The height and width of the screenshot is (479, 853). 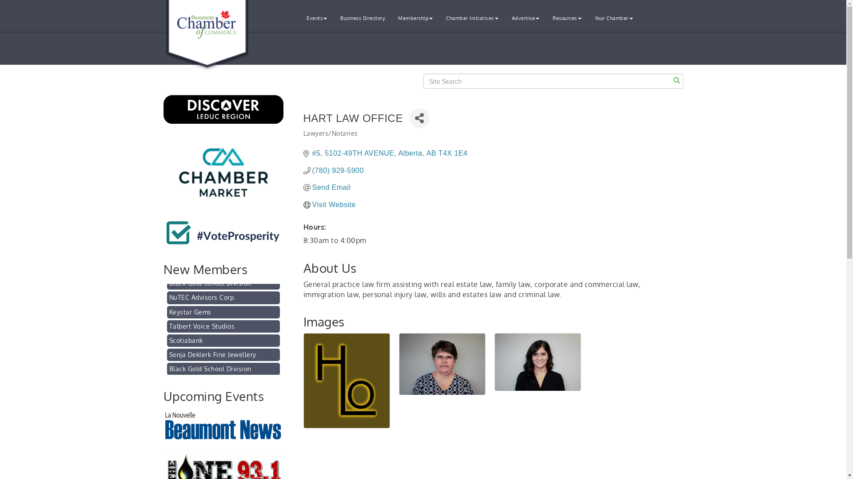 I want to click on 'Business Directory', so click(x=363, y=18).